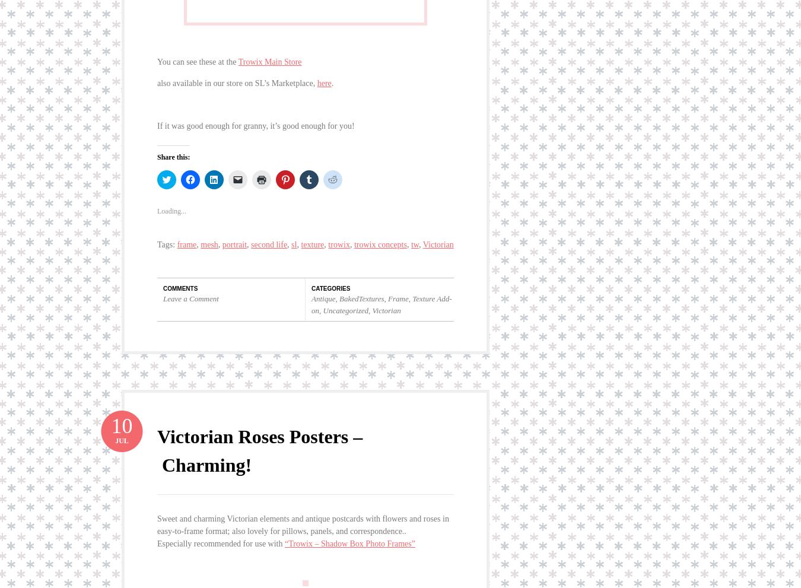 The height and width of the screenshot is (588, 801). Describe the element at coordinates (122, 431) in the screenshot. I see `'Jul'` at that location.